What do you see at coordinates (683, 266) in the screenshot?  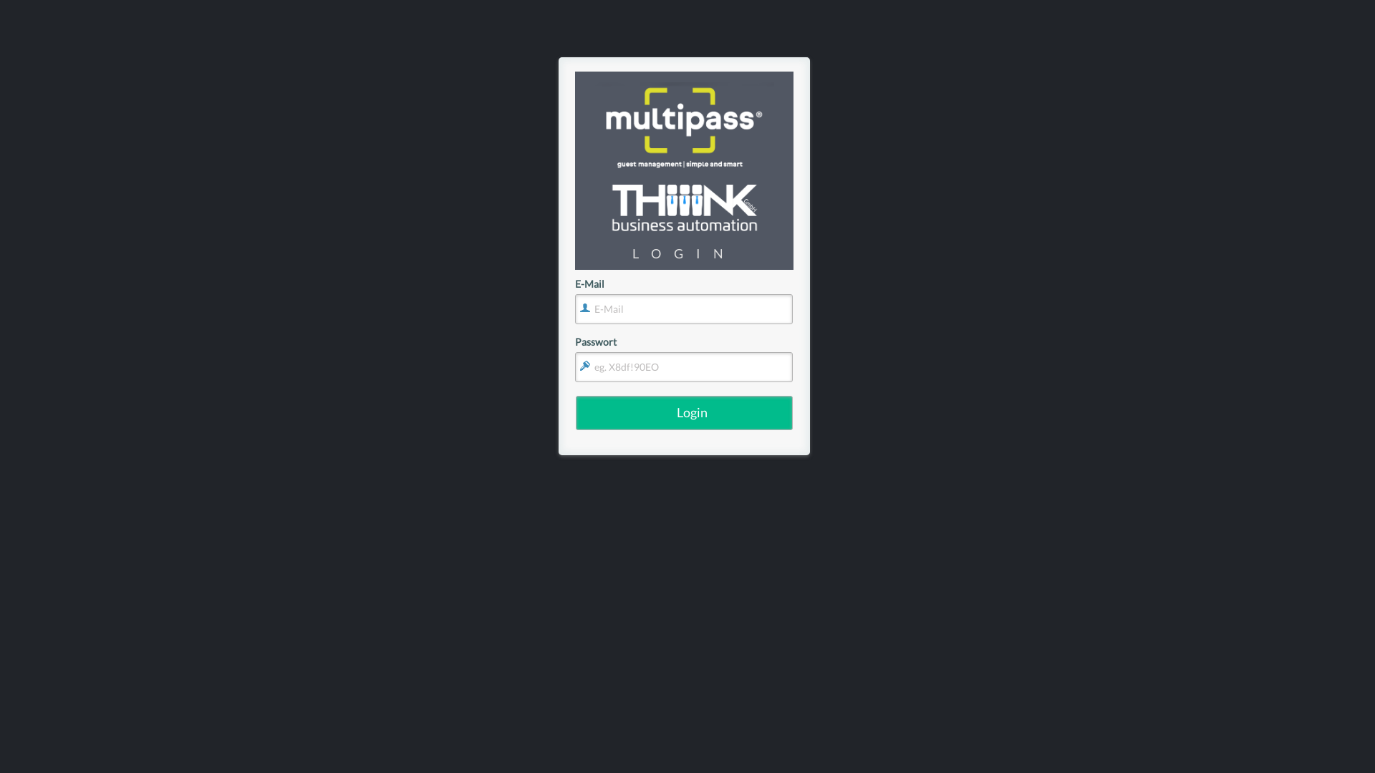 I see `'Submit'` at bounding box center [683, 266].